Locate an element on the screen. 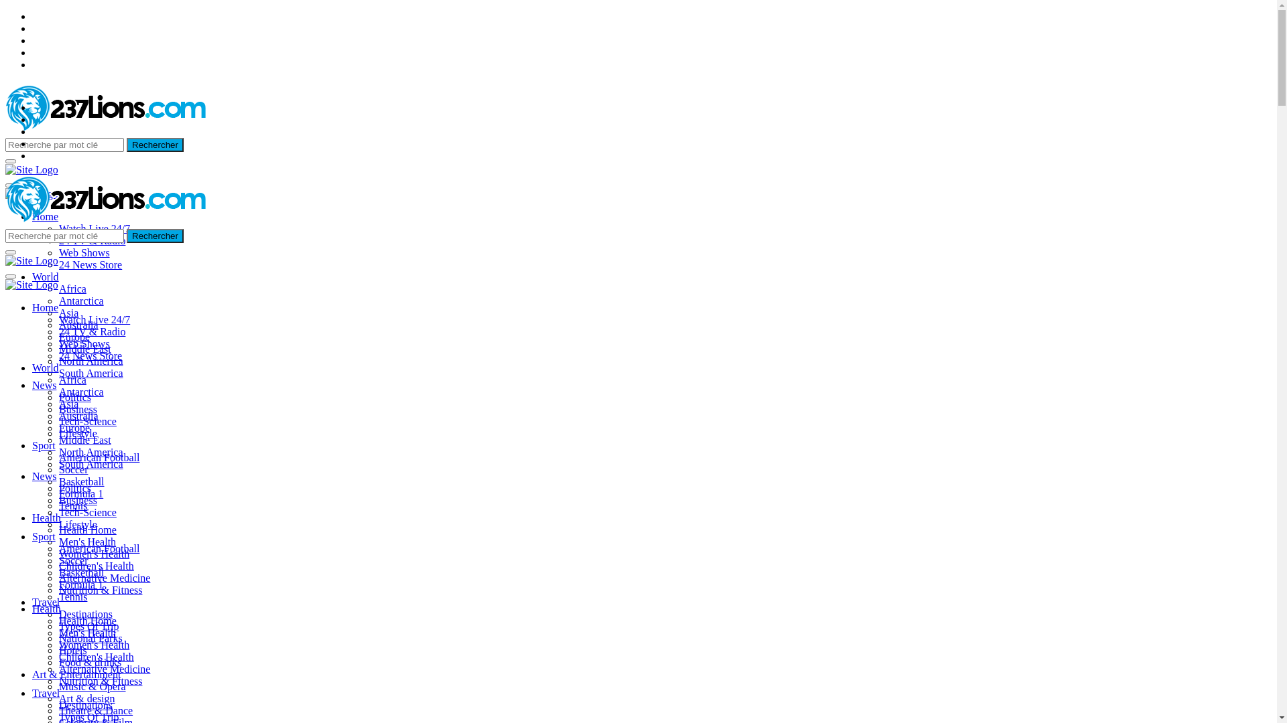 Image resolution: width=1287 pixels, height=723 pixels. 'Tech-Science' is located at coordinates (58, 512).